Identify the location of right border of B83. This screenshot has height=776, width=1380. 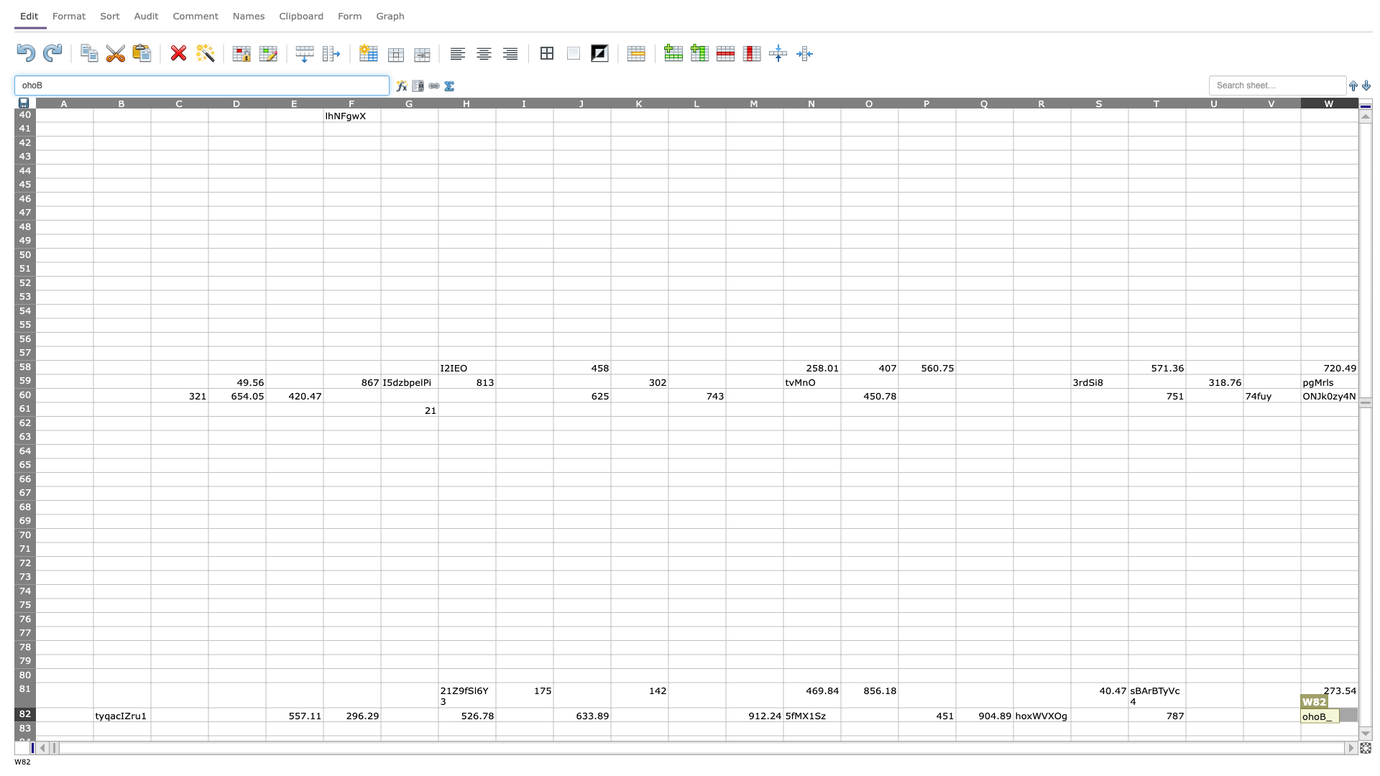
(151, 729).